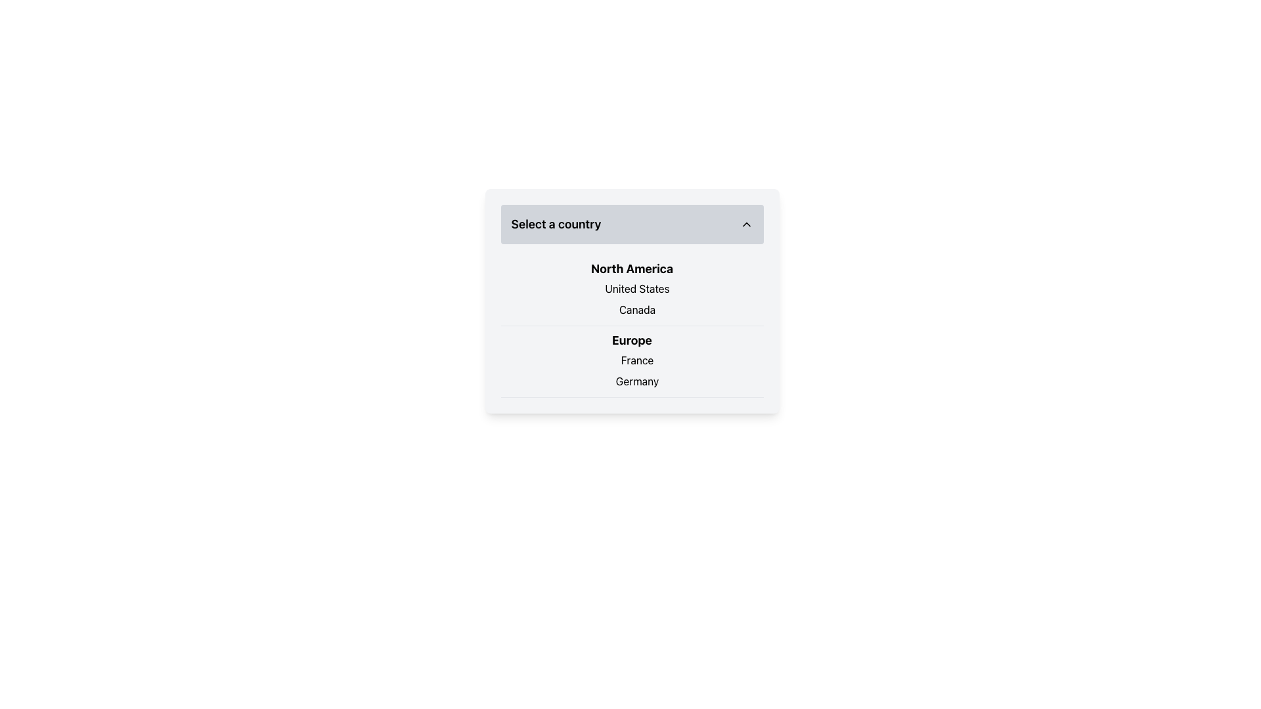  I want to click on the list item representing 'United States' in the country selection dropdown under the 'North America' heading, so click(632, 288).